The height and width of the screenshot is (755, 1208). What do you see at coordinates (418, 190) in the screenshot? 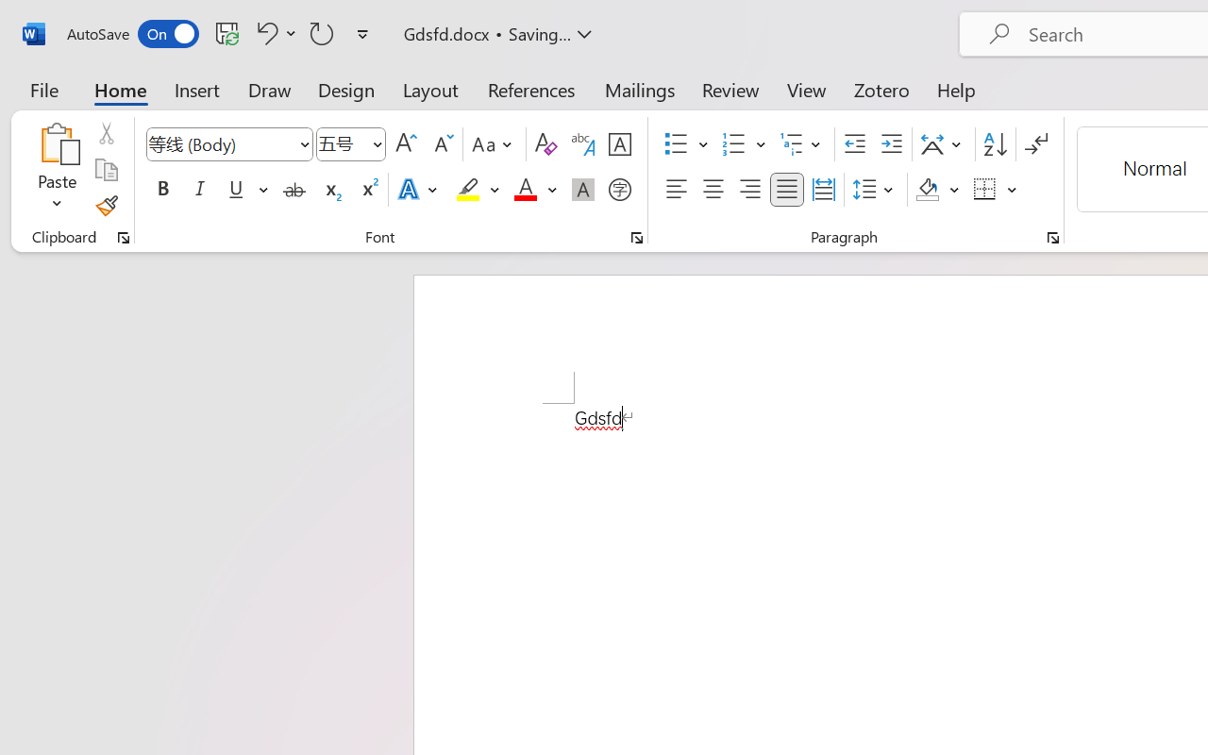
I see `'Text Effects and Typography'` at bounding box center [418, 190].